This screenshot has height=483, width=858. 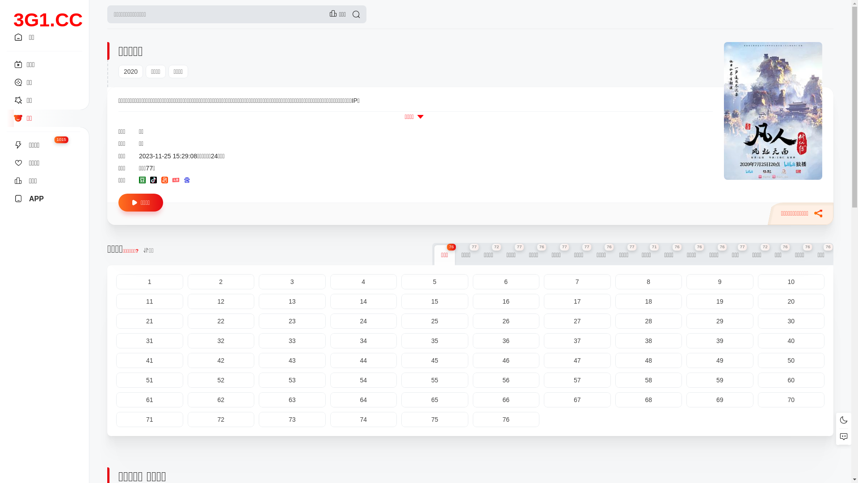 What do you see at coordinates (543, 399) in the screenshot?
I see `'67'` at bounding box center [543, 399].